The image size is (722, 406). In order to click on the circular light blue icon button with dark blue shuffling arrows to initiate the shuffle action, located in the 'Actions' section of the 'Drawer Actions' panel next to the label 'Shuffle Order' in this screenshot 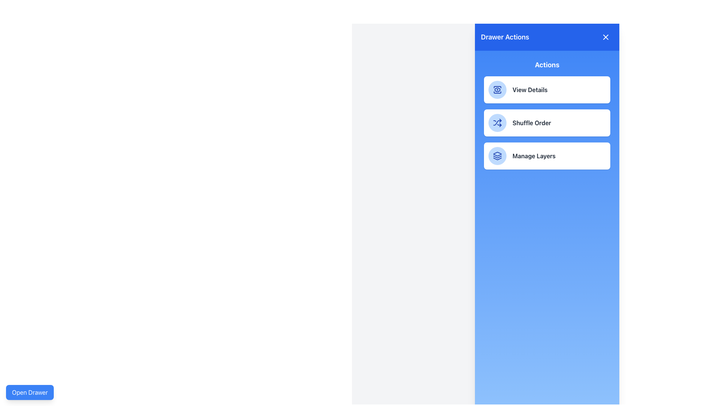, I will do `click(498, 123)`.